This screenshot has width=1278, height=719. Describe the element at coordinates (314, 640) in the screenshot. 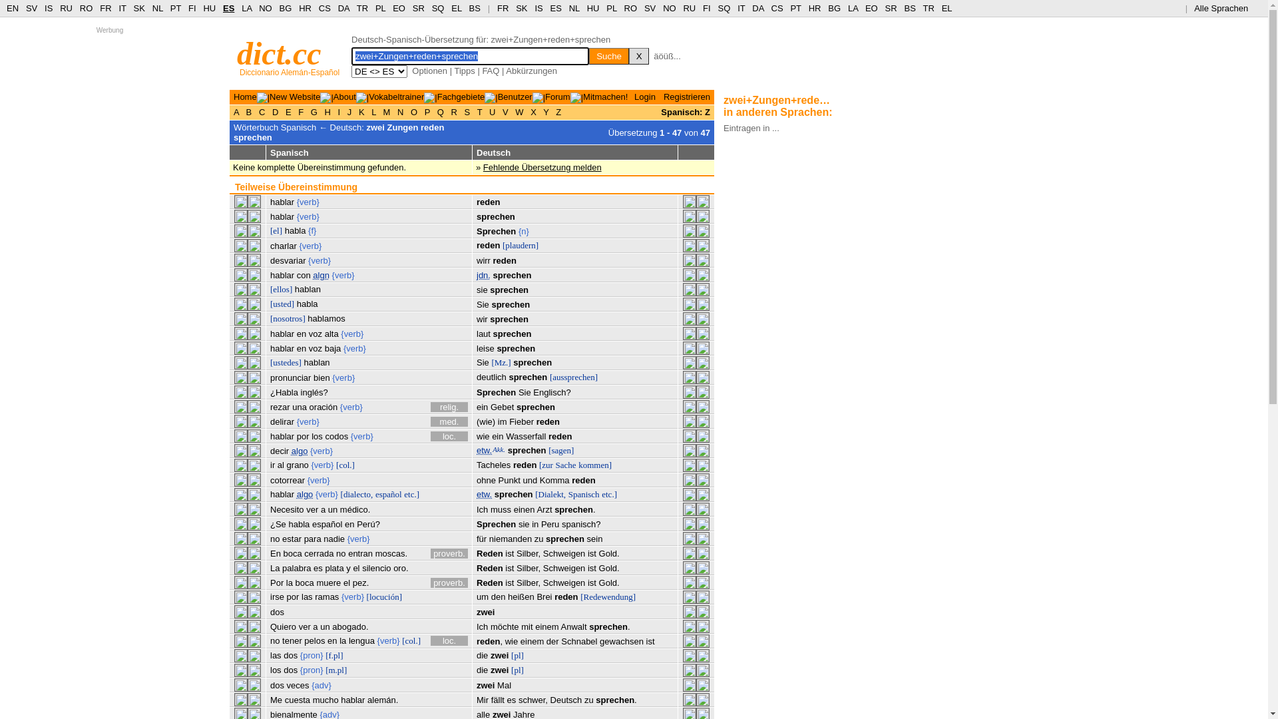

I see `'pelos'` at that location.